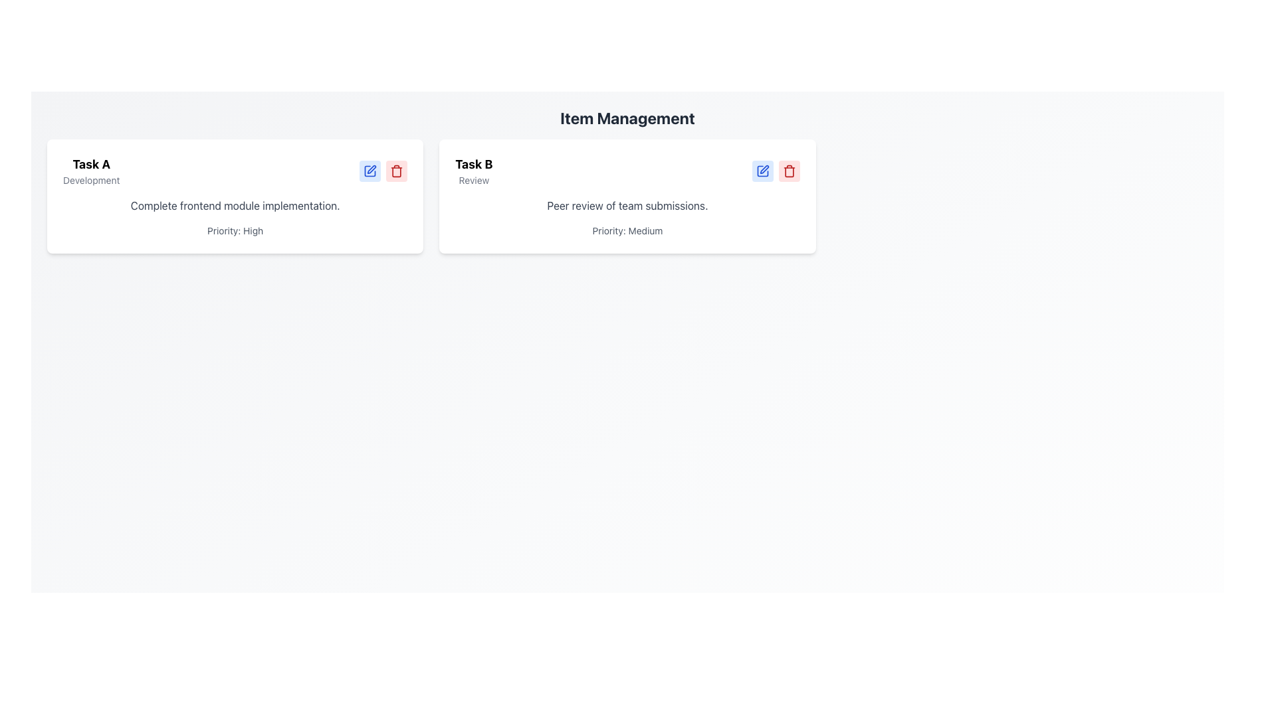 This screenshot has height=717, width=1276. I want to click on the delete icon located in the control section of the 'Task A' card, to the right of the blue pencil/edit icon, so click(395, 171).